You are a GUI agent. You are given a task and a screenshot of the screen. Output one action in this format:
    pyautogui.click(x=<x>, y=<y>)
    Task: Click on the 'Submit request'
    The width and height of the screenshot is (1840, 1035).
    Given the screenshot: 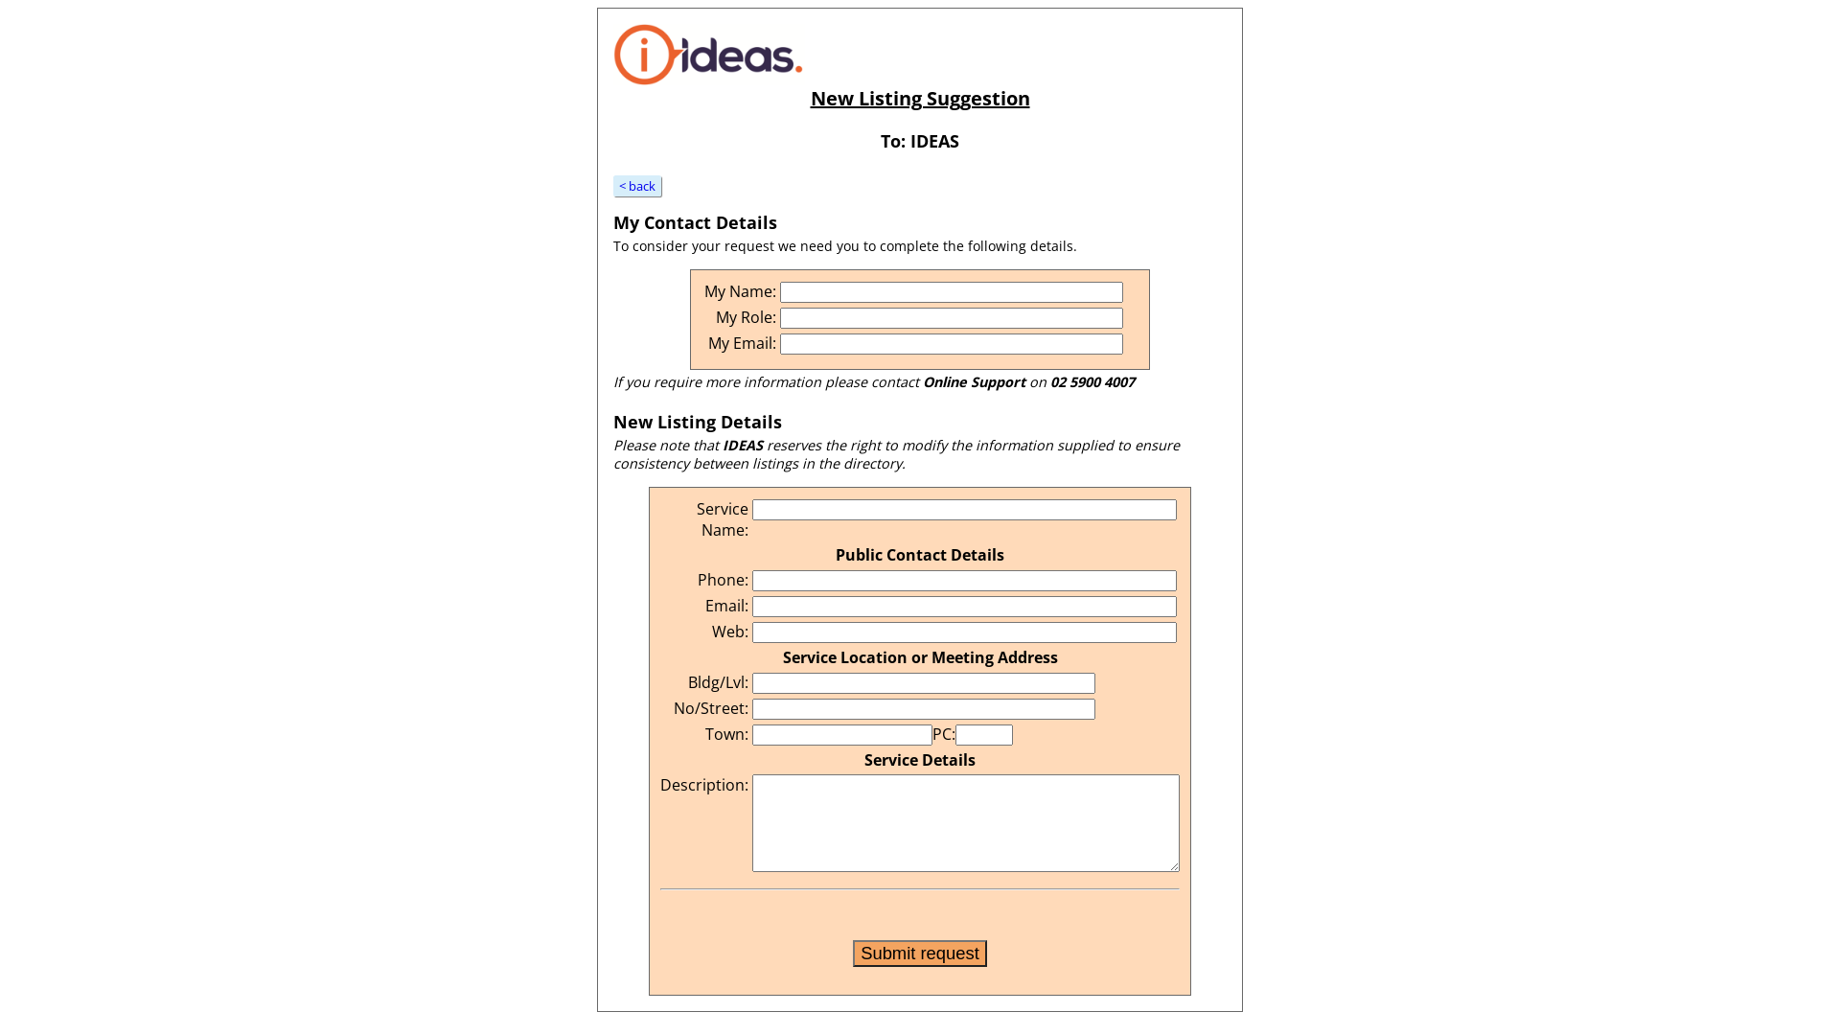 What is the action you would take?
    pyautogui.click(x=920, y=954)
    